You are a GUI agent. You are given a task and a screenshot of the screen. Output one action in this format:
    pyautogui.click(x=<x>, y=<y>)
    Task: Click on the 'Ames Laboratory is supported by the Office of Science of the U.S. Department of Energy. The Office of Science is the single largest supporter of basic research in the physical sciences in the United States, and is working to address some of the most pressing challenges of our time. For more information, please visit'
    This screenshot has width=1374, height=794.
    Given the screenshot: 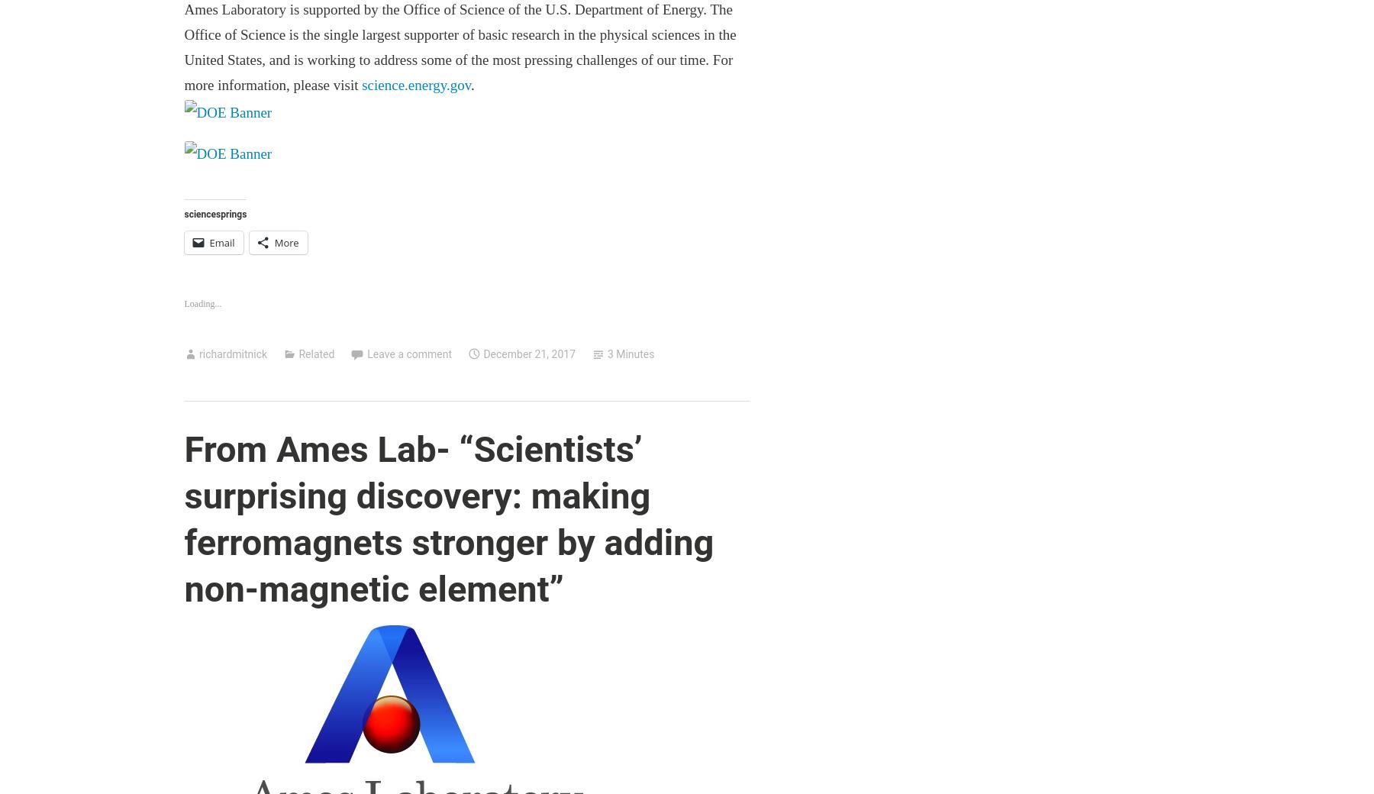 What is the action you would take?
    pyautogui.click(x=460, y=46)
    